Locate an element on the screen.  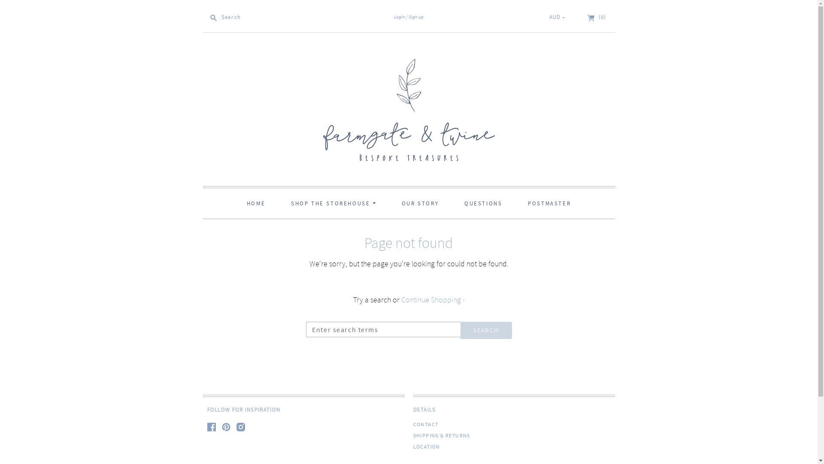
'Login' is located at coordinates (399, 16).